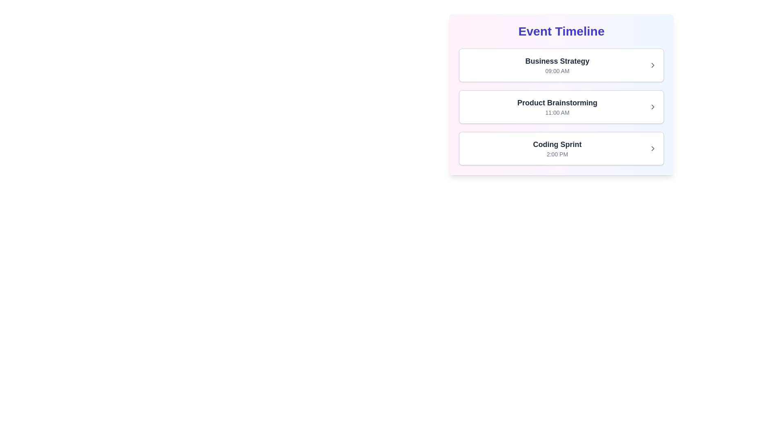  I want to click on the non-interactive card styled as a button containing 'Business Strategy' and '09:00 AM' text, located in the 'Event Timeline' section, so click(561, 65).